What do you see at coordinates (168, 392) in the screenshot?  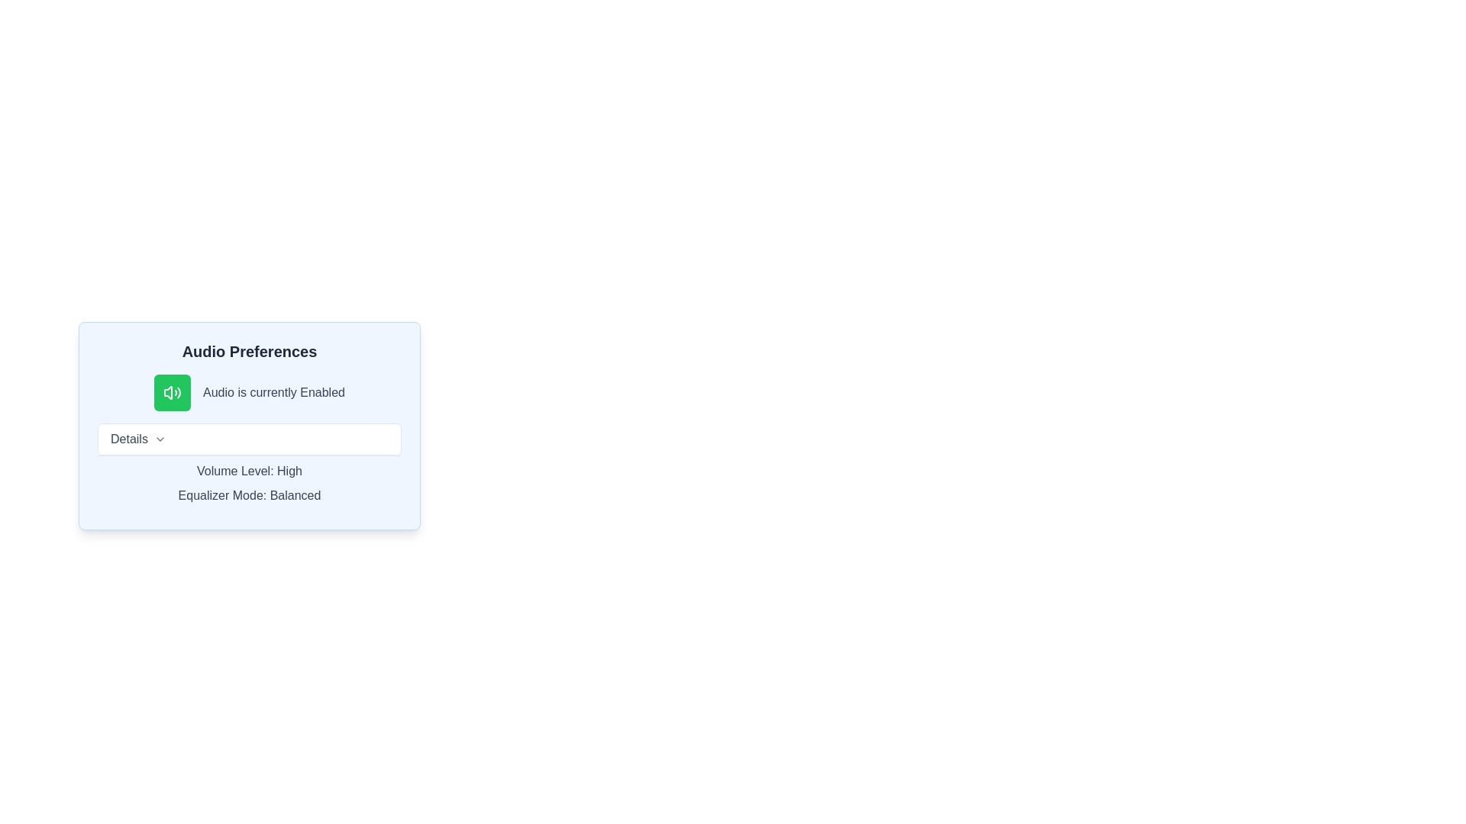 I see `the audio icon represented by a green speaker graphic within the 'Audio Preferences' panel` at bounding box center [168, 392].